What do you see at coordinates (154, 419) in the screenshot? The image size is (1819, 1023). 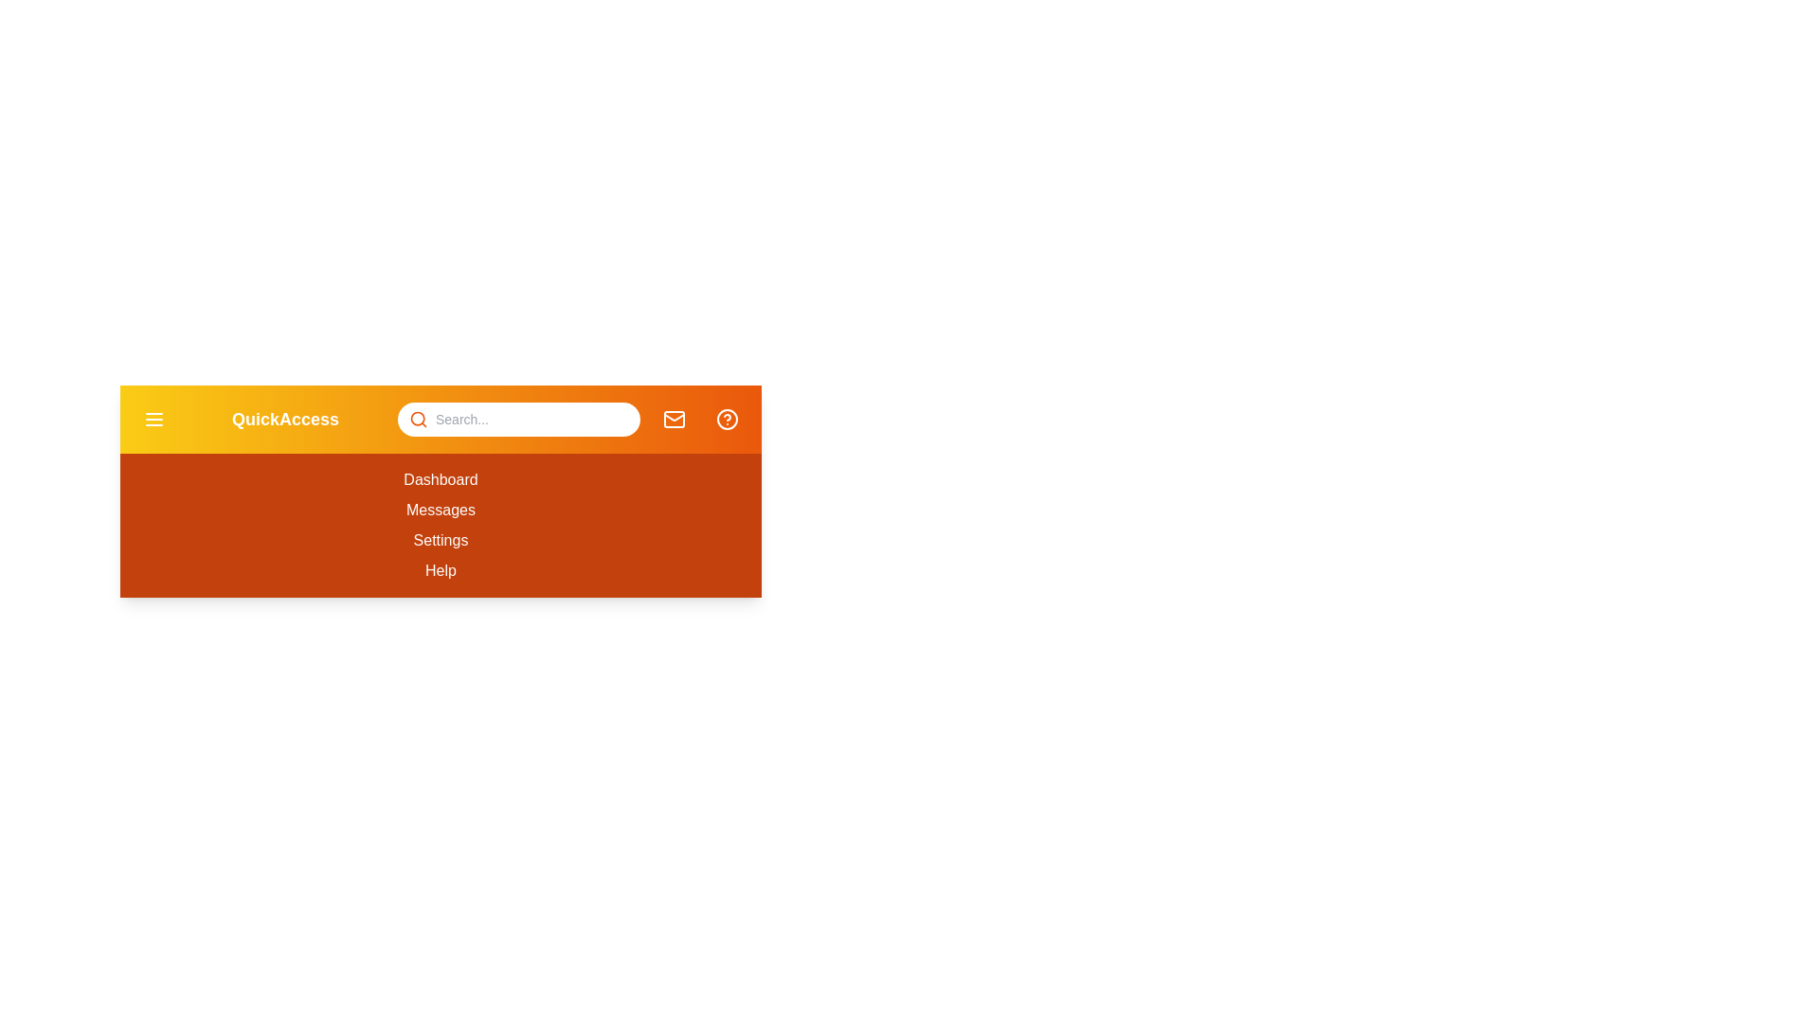 I see `the menu toggle icon, which is a square button with three horizontal lines on a yellow background, located in the top navigation bar to the left of the 'QuickAccess' label` at bounding box center [154, 419].